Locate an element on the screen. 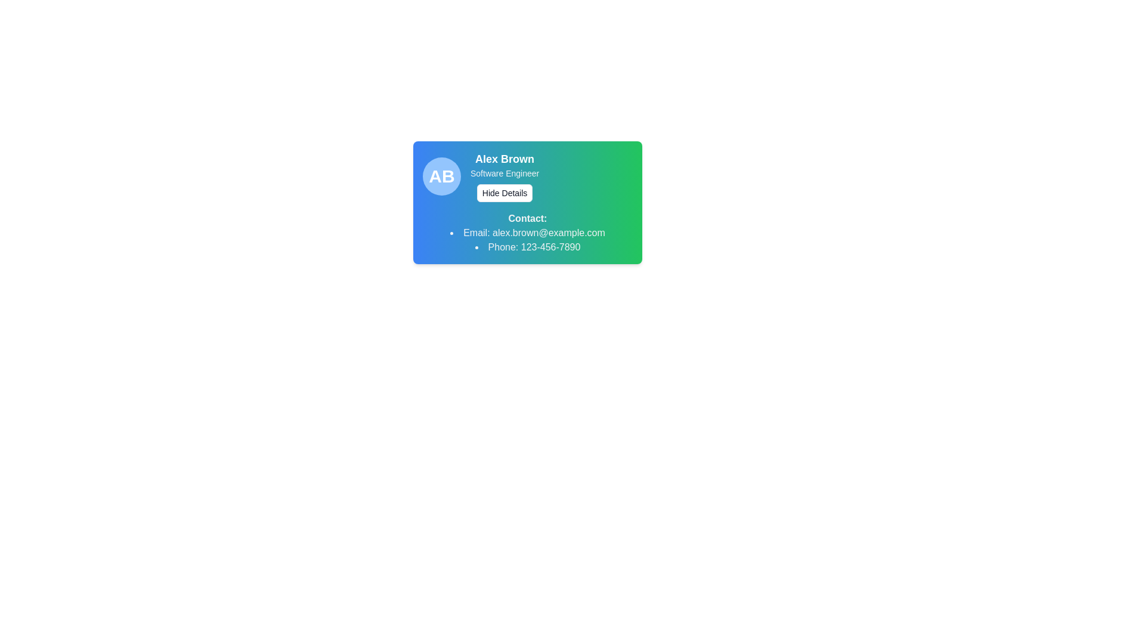  information displayed in the Text Display element which shows the email 'alex.brown@example.com' in the contact list is located at coordinates (527, 233).